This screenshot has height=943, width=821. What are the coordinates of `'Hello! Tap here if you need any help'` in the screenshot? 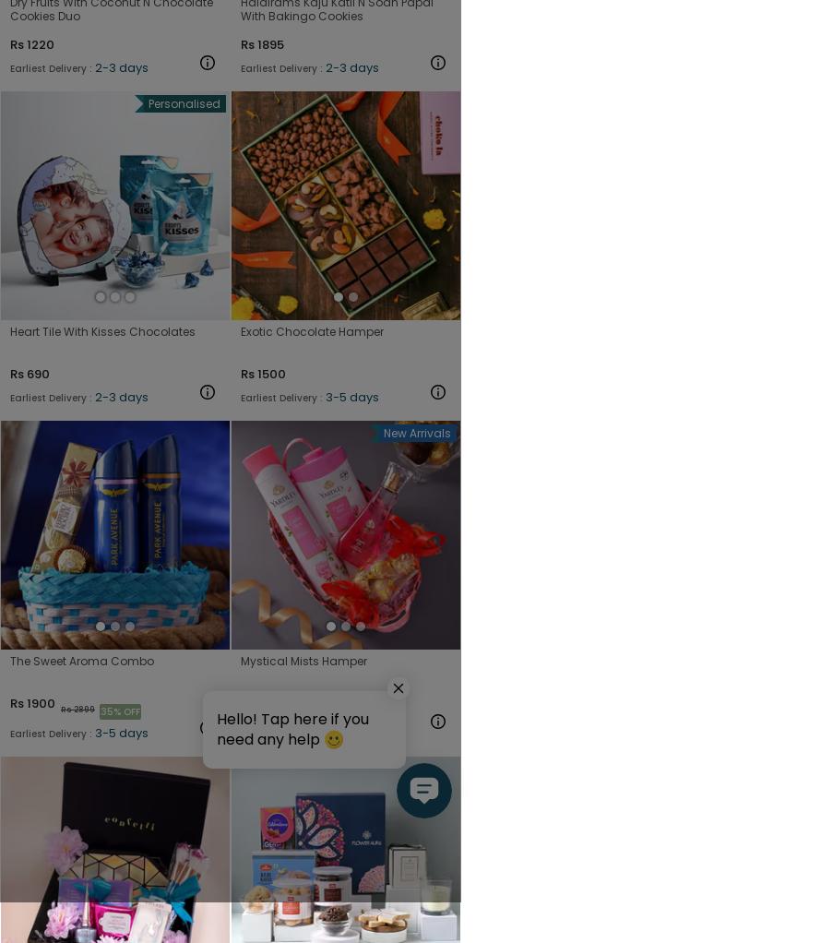 It's located at (292, 728).